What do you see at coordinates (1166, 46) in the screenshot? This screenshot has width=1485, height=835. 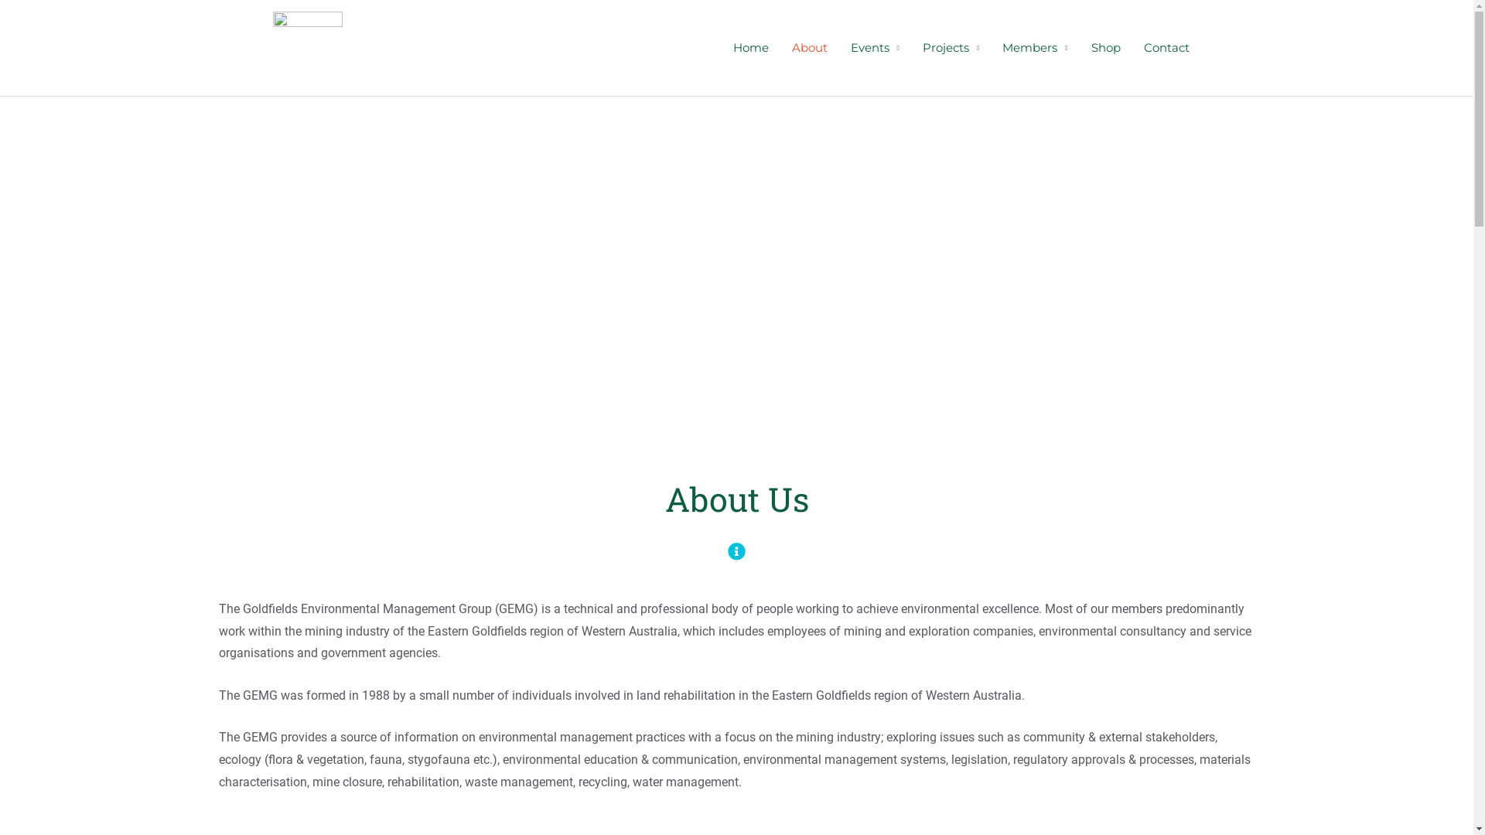 I see `'Contact'` at bounding box center [1166, 46].